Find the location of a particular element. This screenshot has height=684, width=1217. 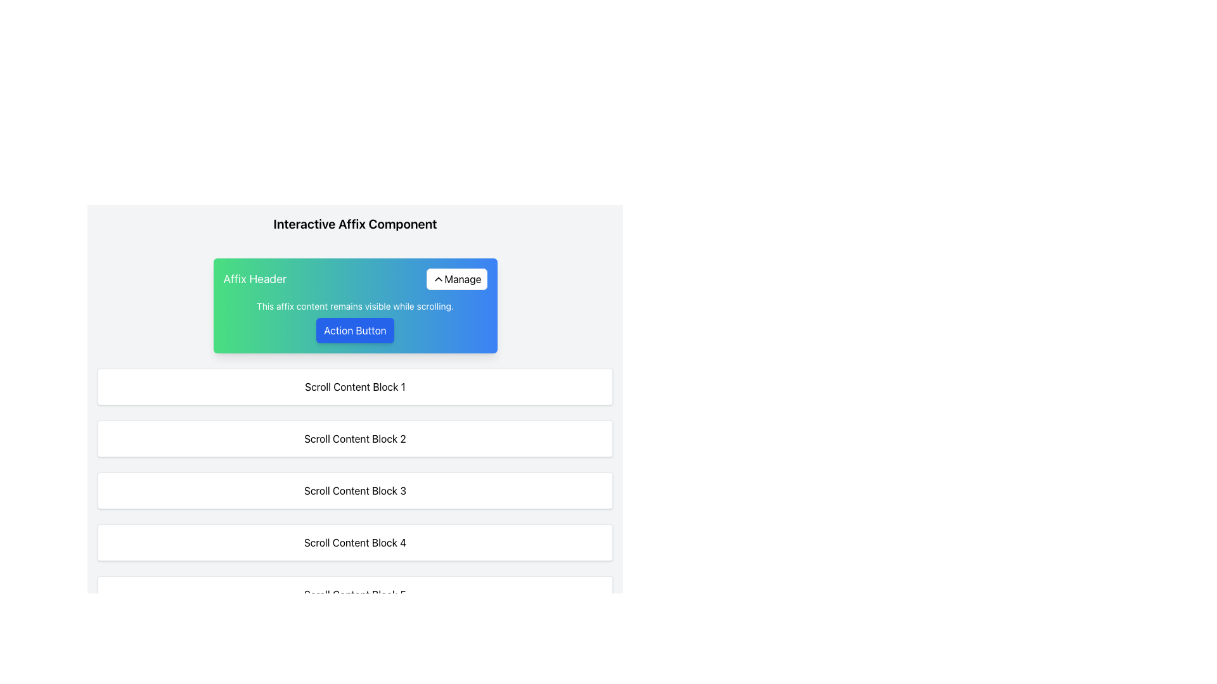

the second static content block in the scrollable list, located between 'Scroll Content Block 1' and 'Scroll Content Block 3' is located at coordinates (355, 438).